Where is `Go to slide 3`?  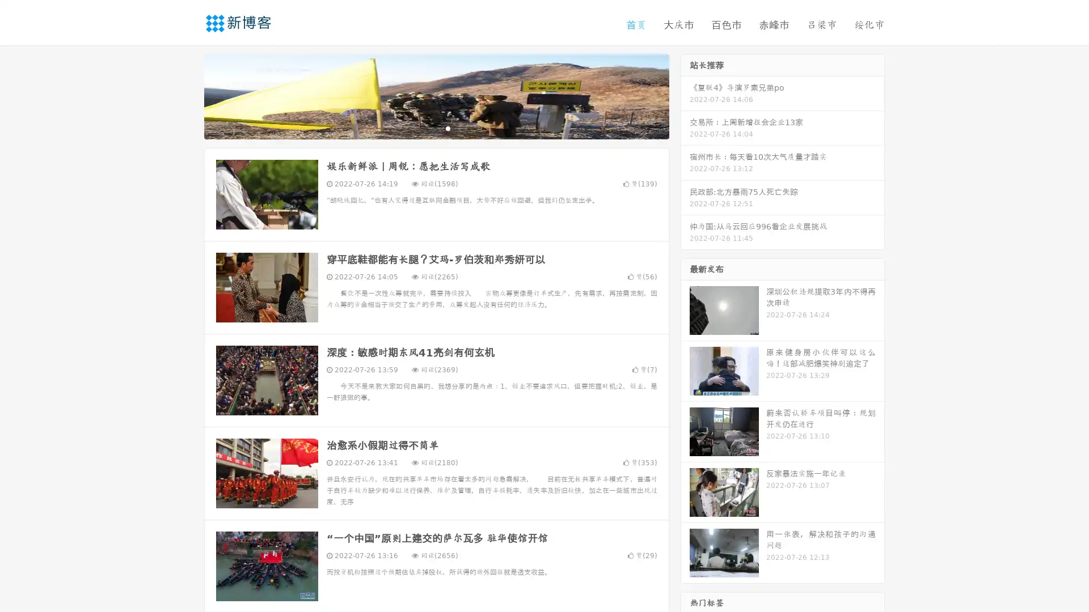 Go to slide 3 is located at coordinates (448, 127).